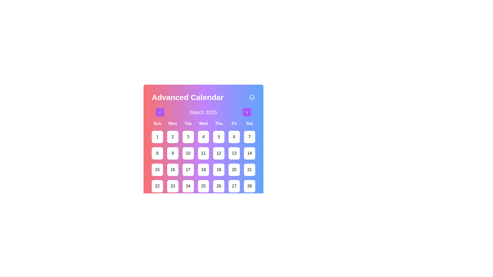  What do you see at coordinates (250, 124) in the screenshot?
I see `the text label reading 'Sat', which is the last item in a row of day labels at the top-right corner of the calendar interface` at bounding box center [250, 124].